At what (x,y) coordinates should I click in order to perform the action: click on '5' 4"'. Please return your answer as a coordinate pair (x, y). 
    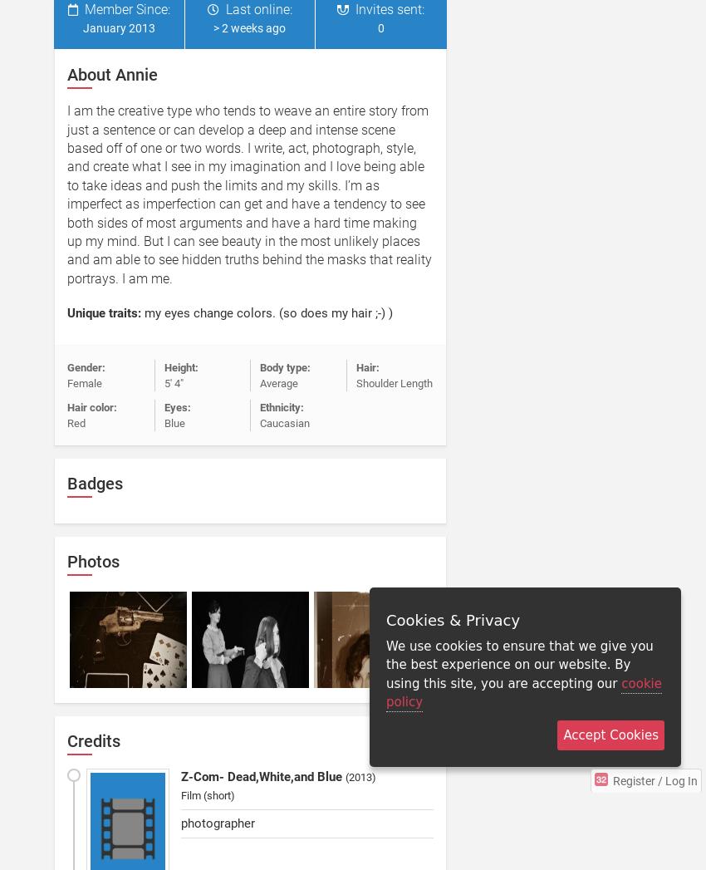
    Looking at the image, I should click on (172, 382).